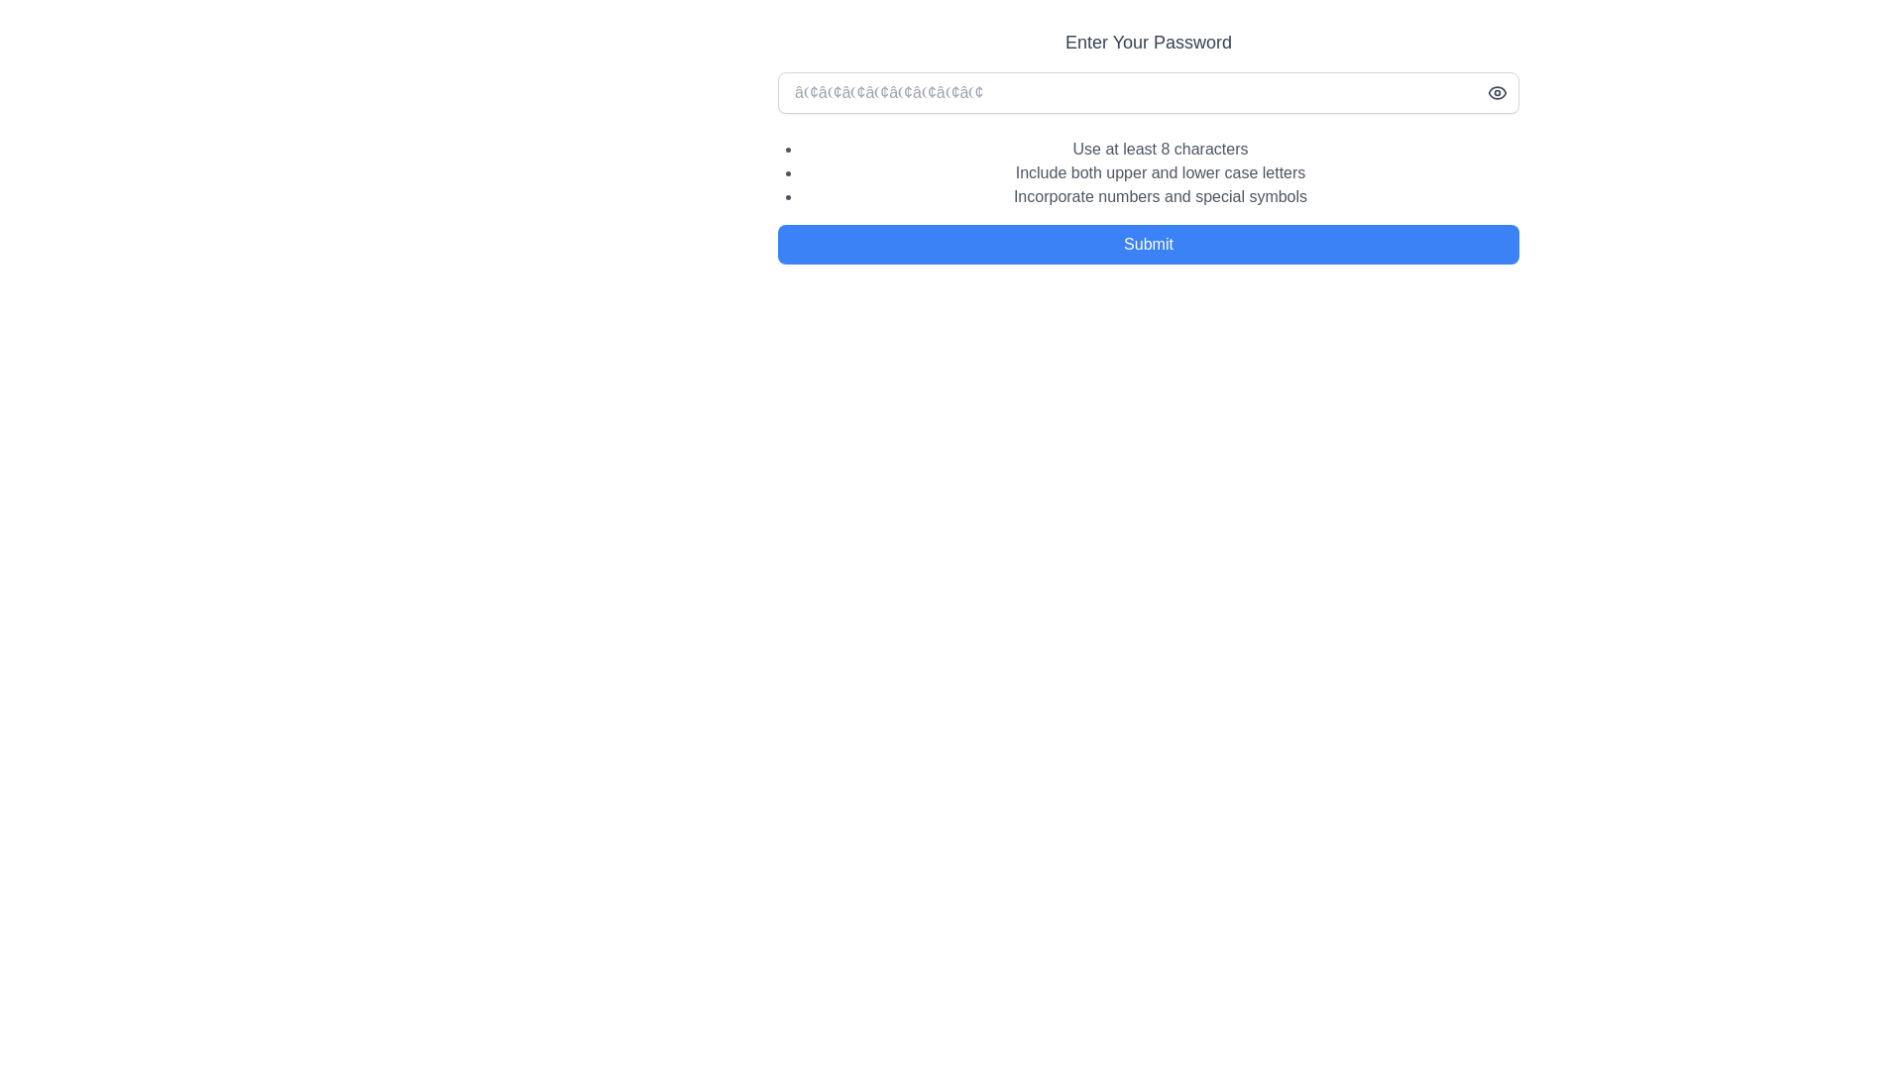  I want to click on the blue rectangular button labeled 'Submit' located at the bottom of the password entry form, so click(1148, 249).